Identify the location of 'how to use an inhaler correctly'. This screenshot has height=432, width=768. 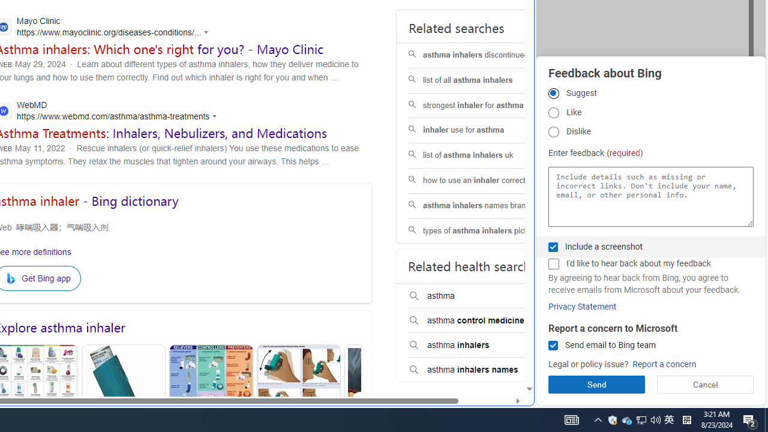
(484, 181).